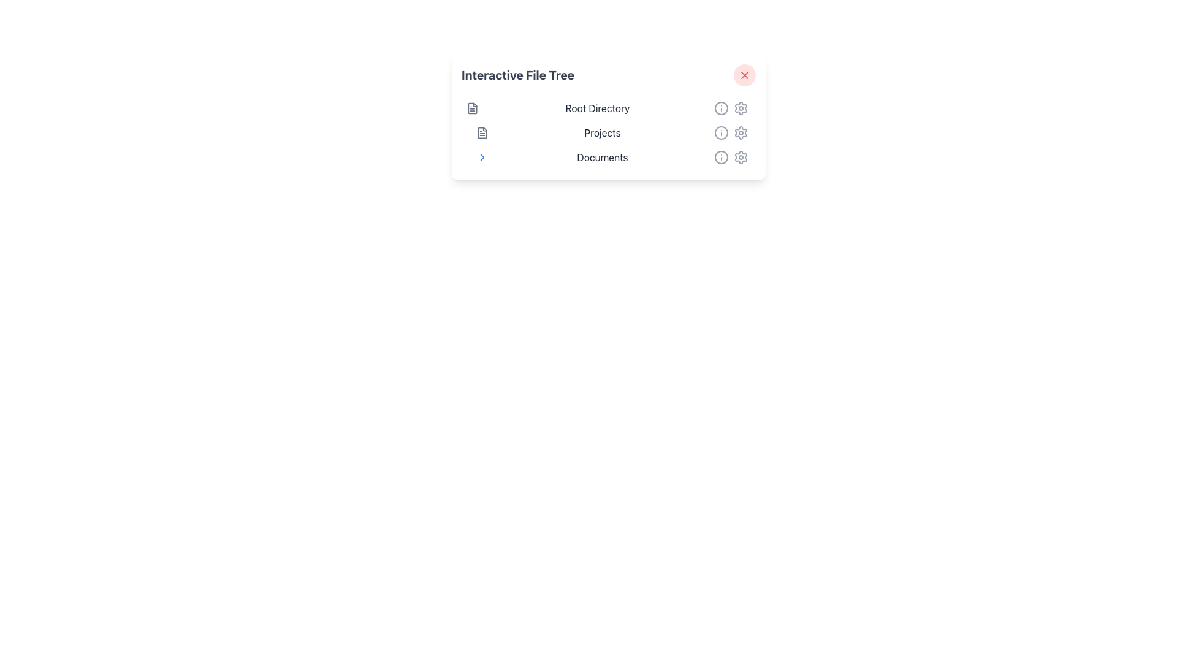 This screenshot has width=1177, height=662. I want to click on the text label 'Projects' in the list under 'Interactive File Tree', so click(609, 132).